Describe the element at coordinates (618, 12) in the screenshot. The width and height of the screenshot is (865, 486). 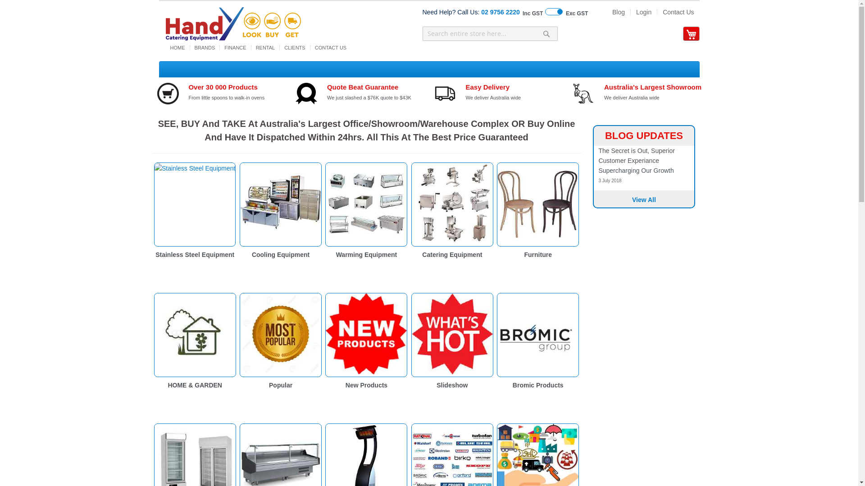
I see `'Blog'` at that location.